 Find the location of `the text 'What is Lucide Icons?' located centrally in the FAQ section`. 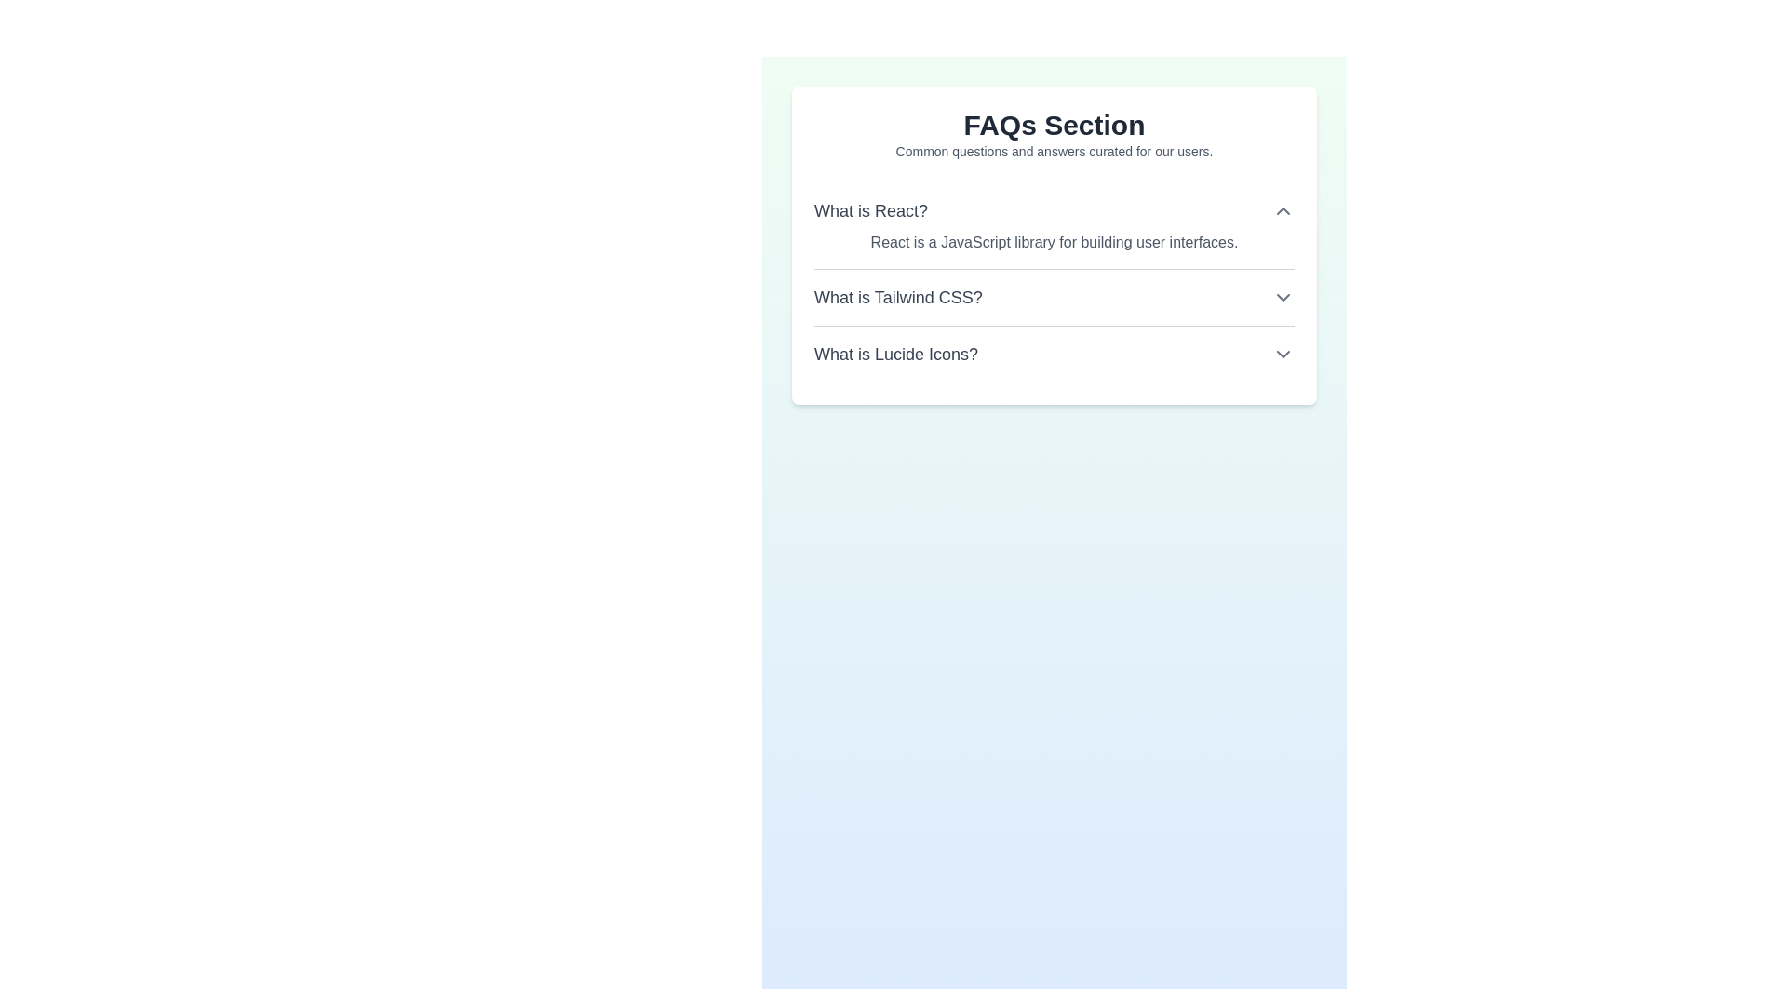

the text 'What is Lucide Icons?' located centrally in the FAQ section is located at coordinates (896, 355).